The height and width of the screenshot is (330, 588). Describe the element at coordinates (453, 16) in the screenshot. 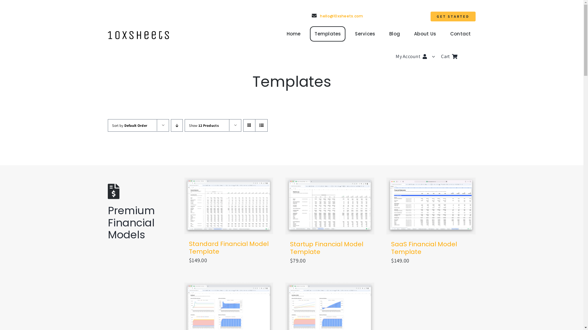

I see `'GET STARTED'` at that location.